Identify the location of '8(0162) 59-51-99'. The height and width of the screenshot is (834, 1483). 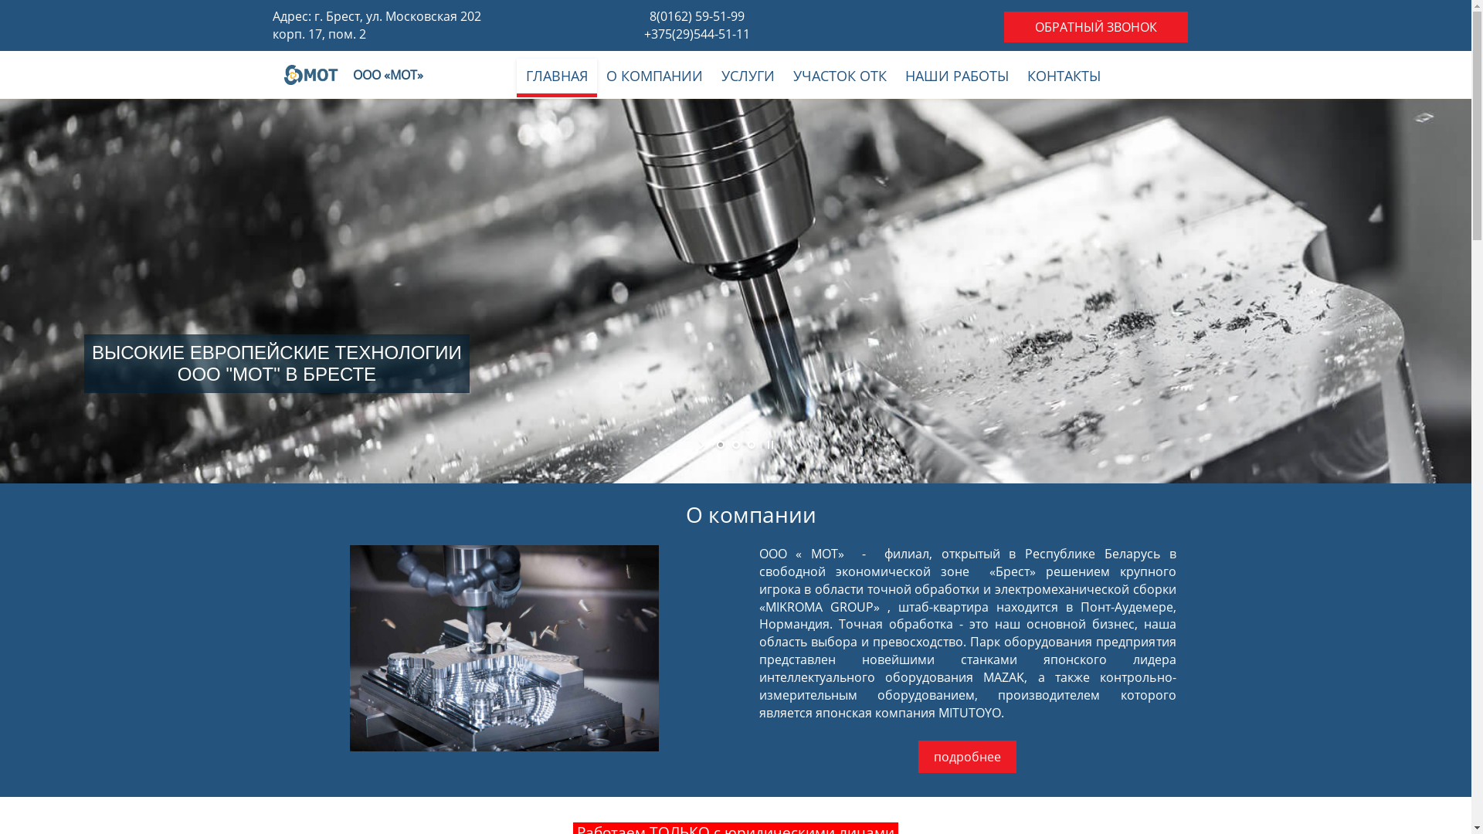
(696, 15).